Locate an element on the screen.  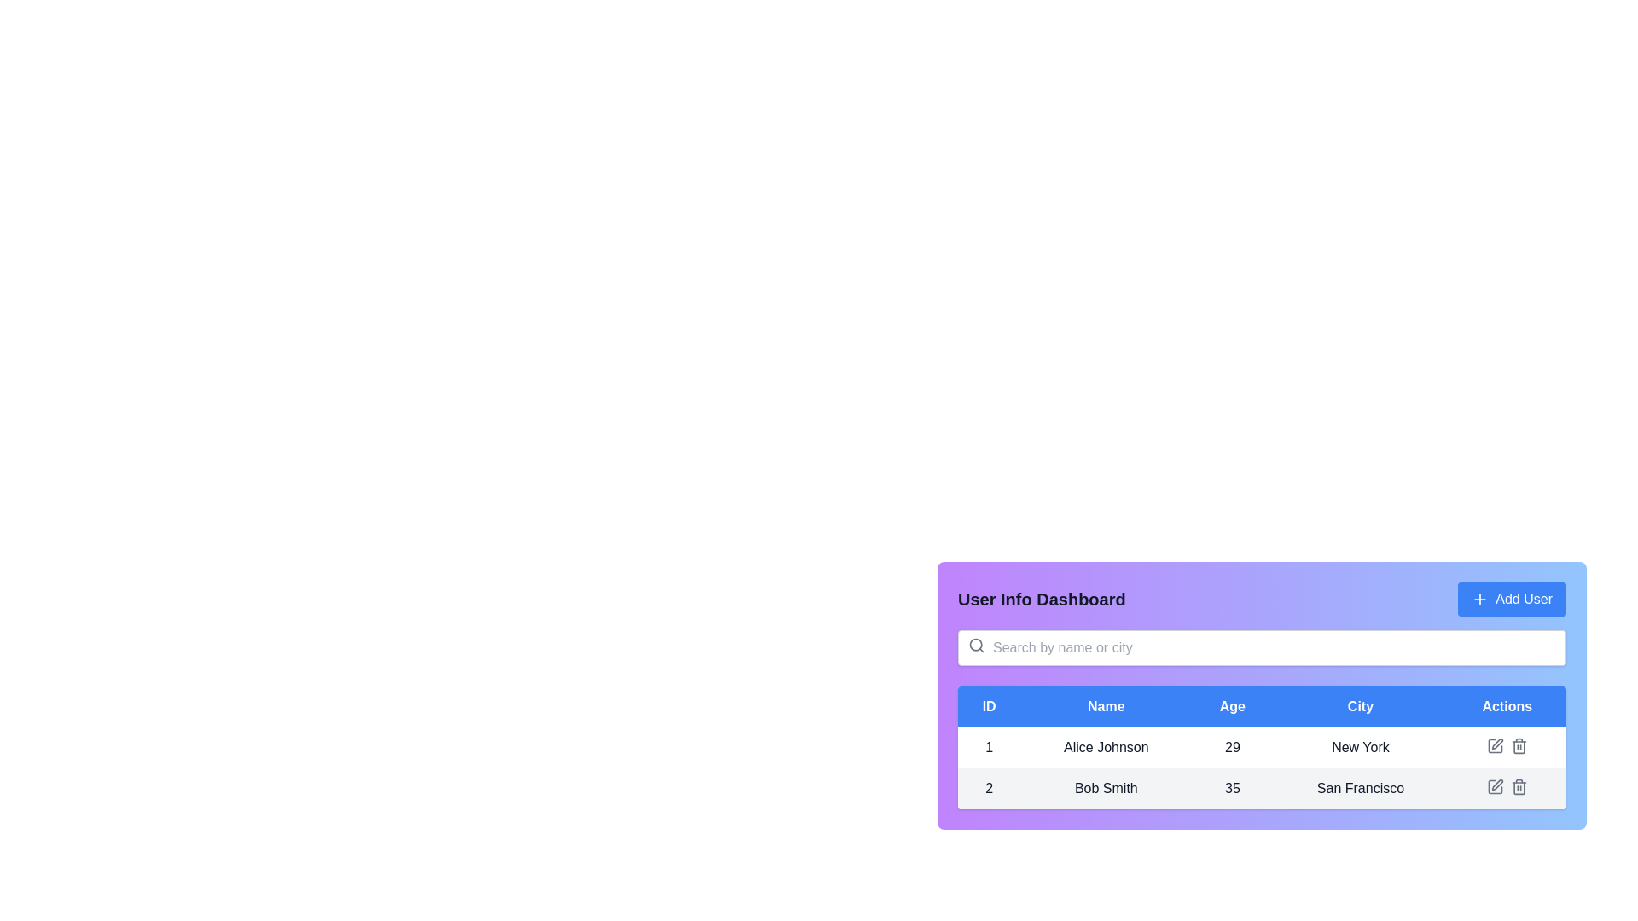
the table cell displaying the age of 'Alice Johnson' located in the third column of the first row under the 'User Info Dashboard' is located at coordinates (1262, 746).